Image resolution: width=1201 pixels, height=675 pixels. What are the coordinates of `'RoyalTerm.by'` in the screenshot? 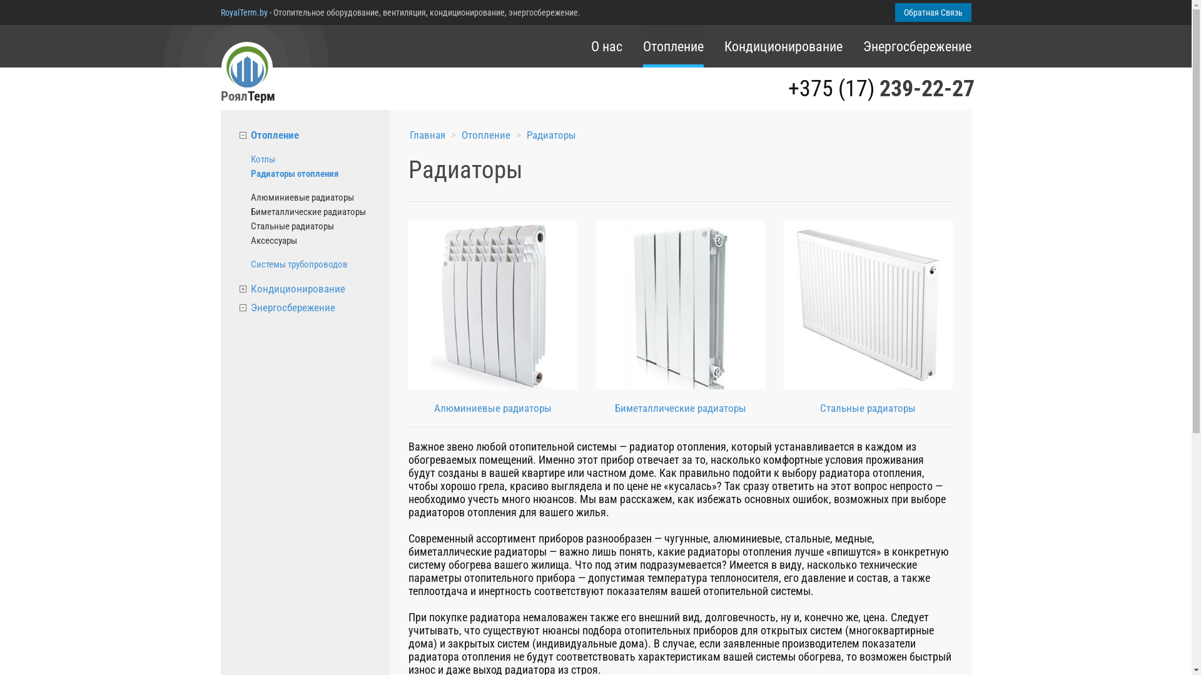 It's located at (243, 12).